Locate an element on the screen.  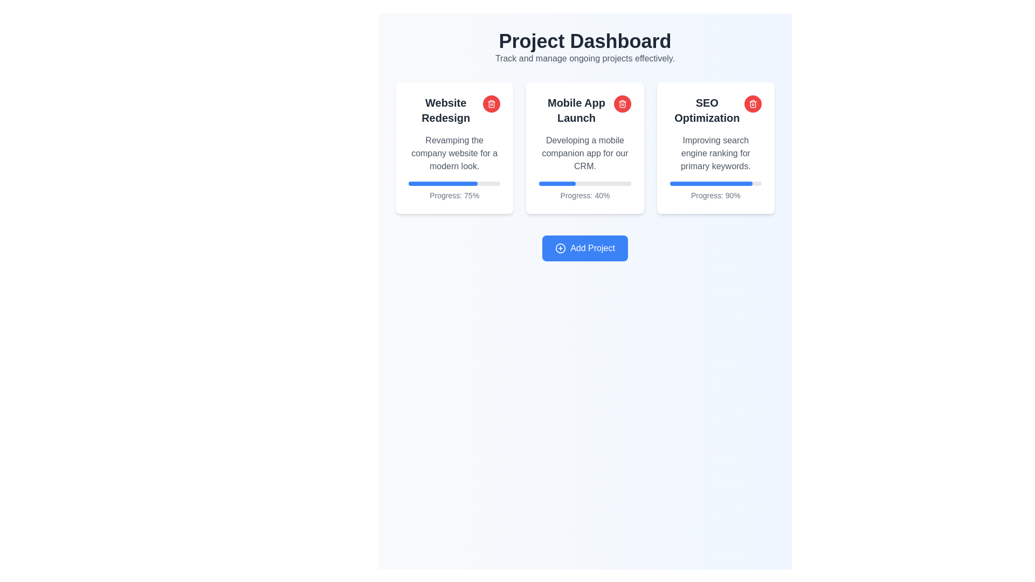
the bold, black text label 'Website Redesign' located at the top-left of the white card is located at coordinates (454, 110).